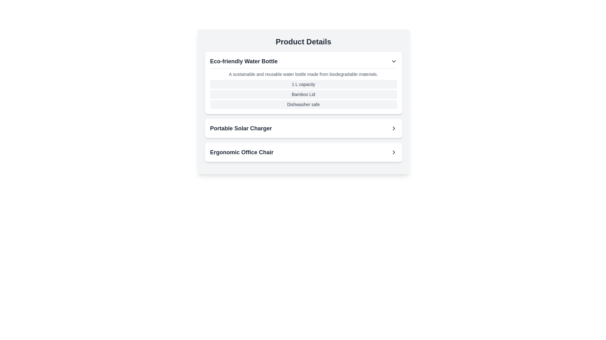 Image resolution: width=606 pixels, height=340 pixels. What do you see at coordinates (393, 61) in the screenshot?
I see `the downward-pointing chevron icon located on the far right of the 'Eco-friendly Water Bottle' section` at bounding box center [393, 61].